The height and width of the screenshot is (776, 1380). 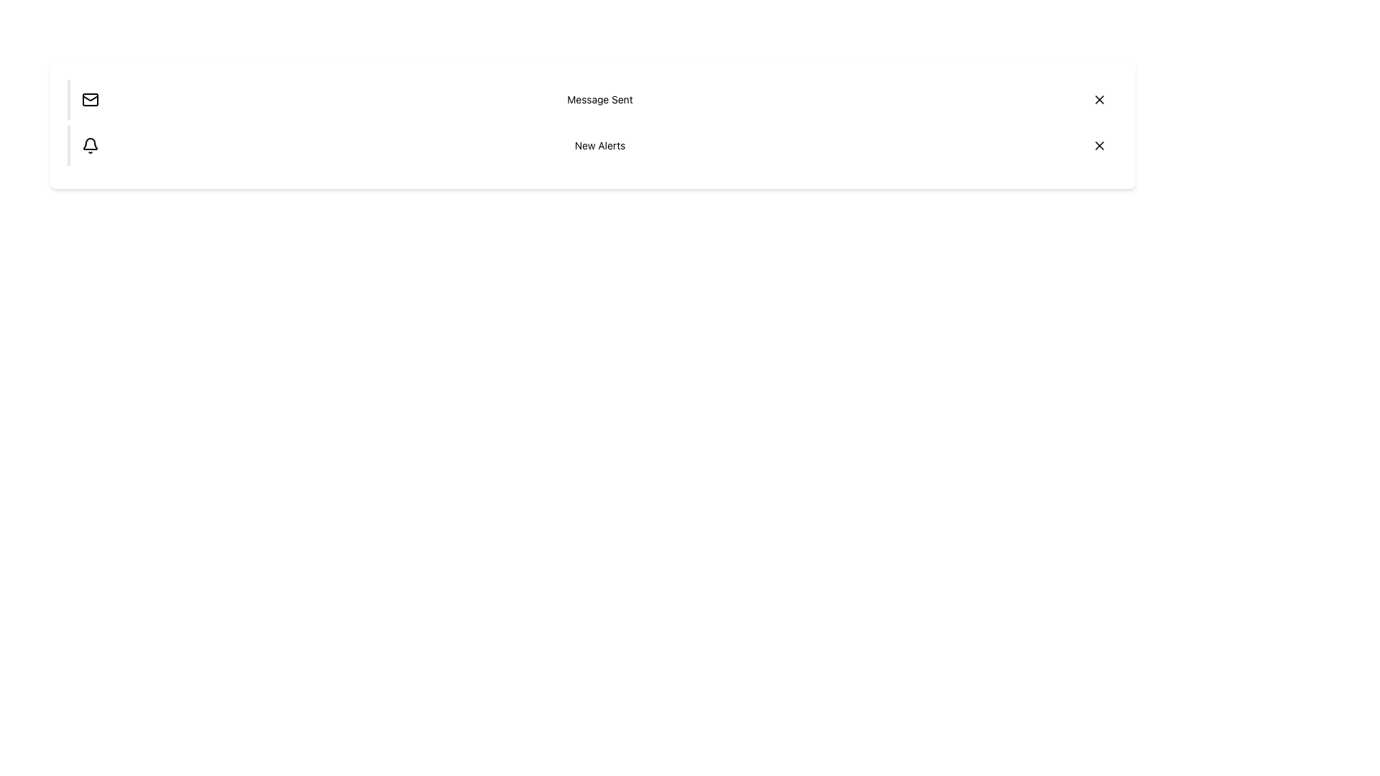 What do you see at coordinates (1099, 98) in the screenshot?
I see `the close icon located at the top-right corner of the interface` at bounding box center [1099, 98].